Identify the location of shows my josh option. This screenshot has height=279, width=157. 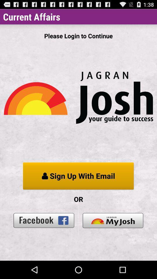
(113, 220).